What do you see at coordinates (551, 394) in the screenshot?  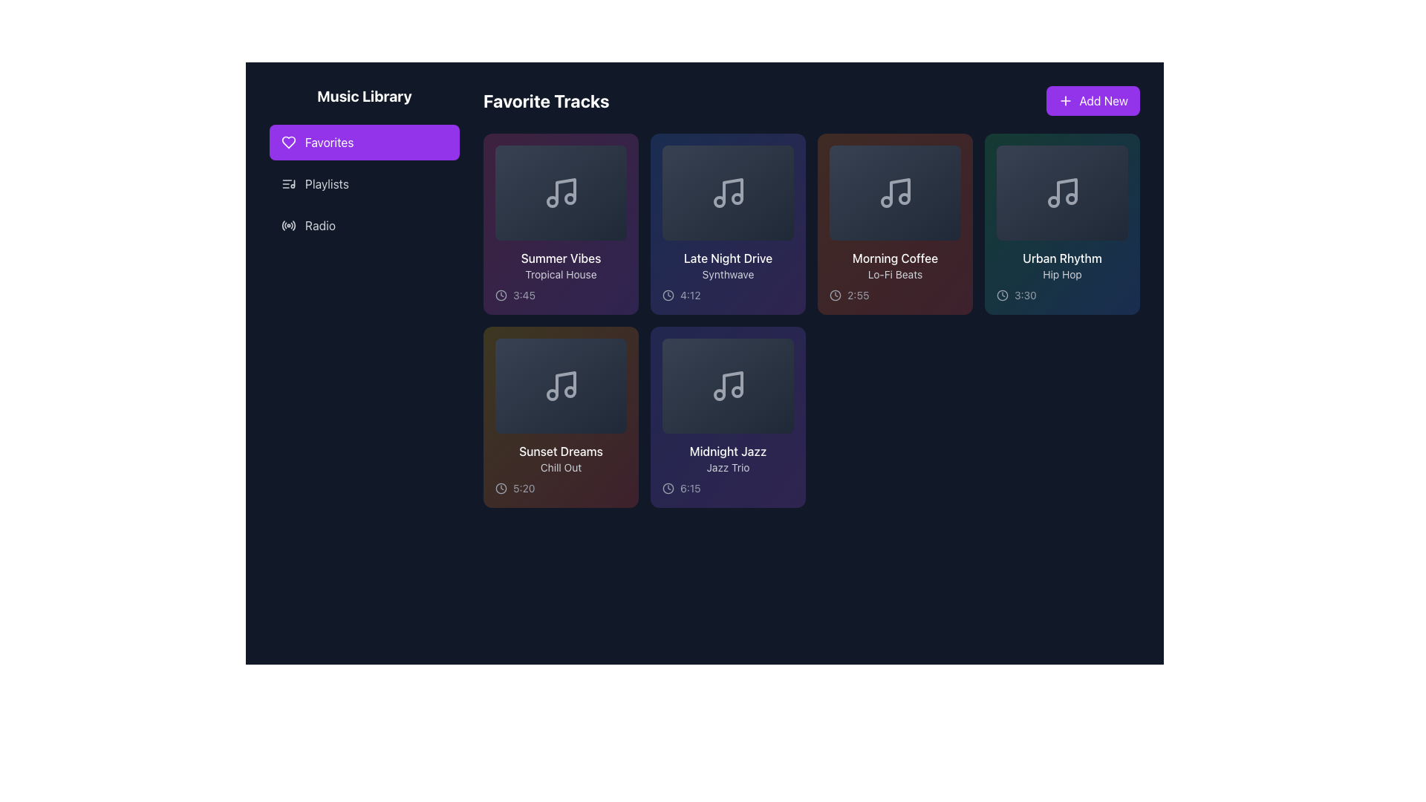 I see `the small circle inside the music note icon, which is part of the 'Sunset Dreams' card in the 'Favorite Tracks' section` at bounding box center [551, 394].